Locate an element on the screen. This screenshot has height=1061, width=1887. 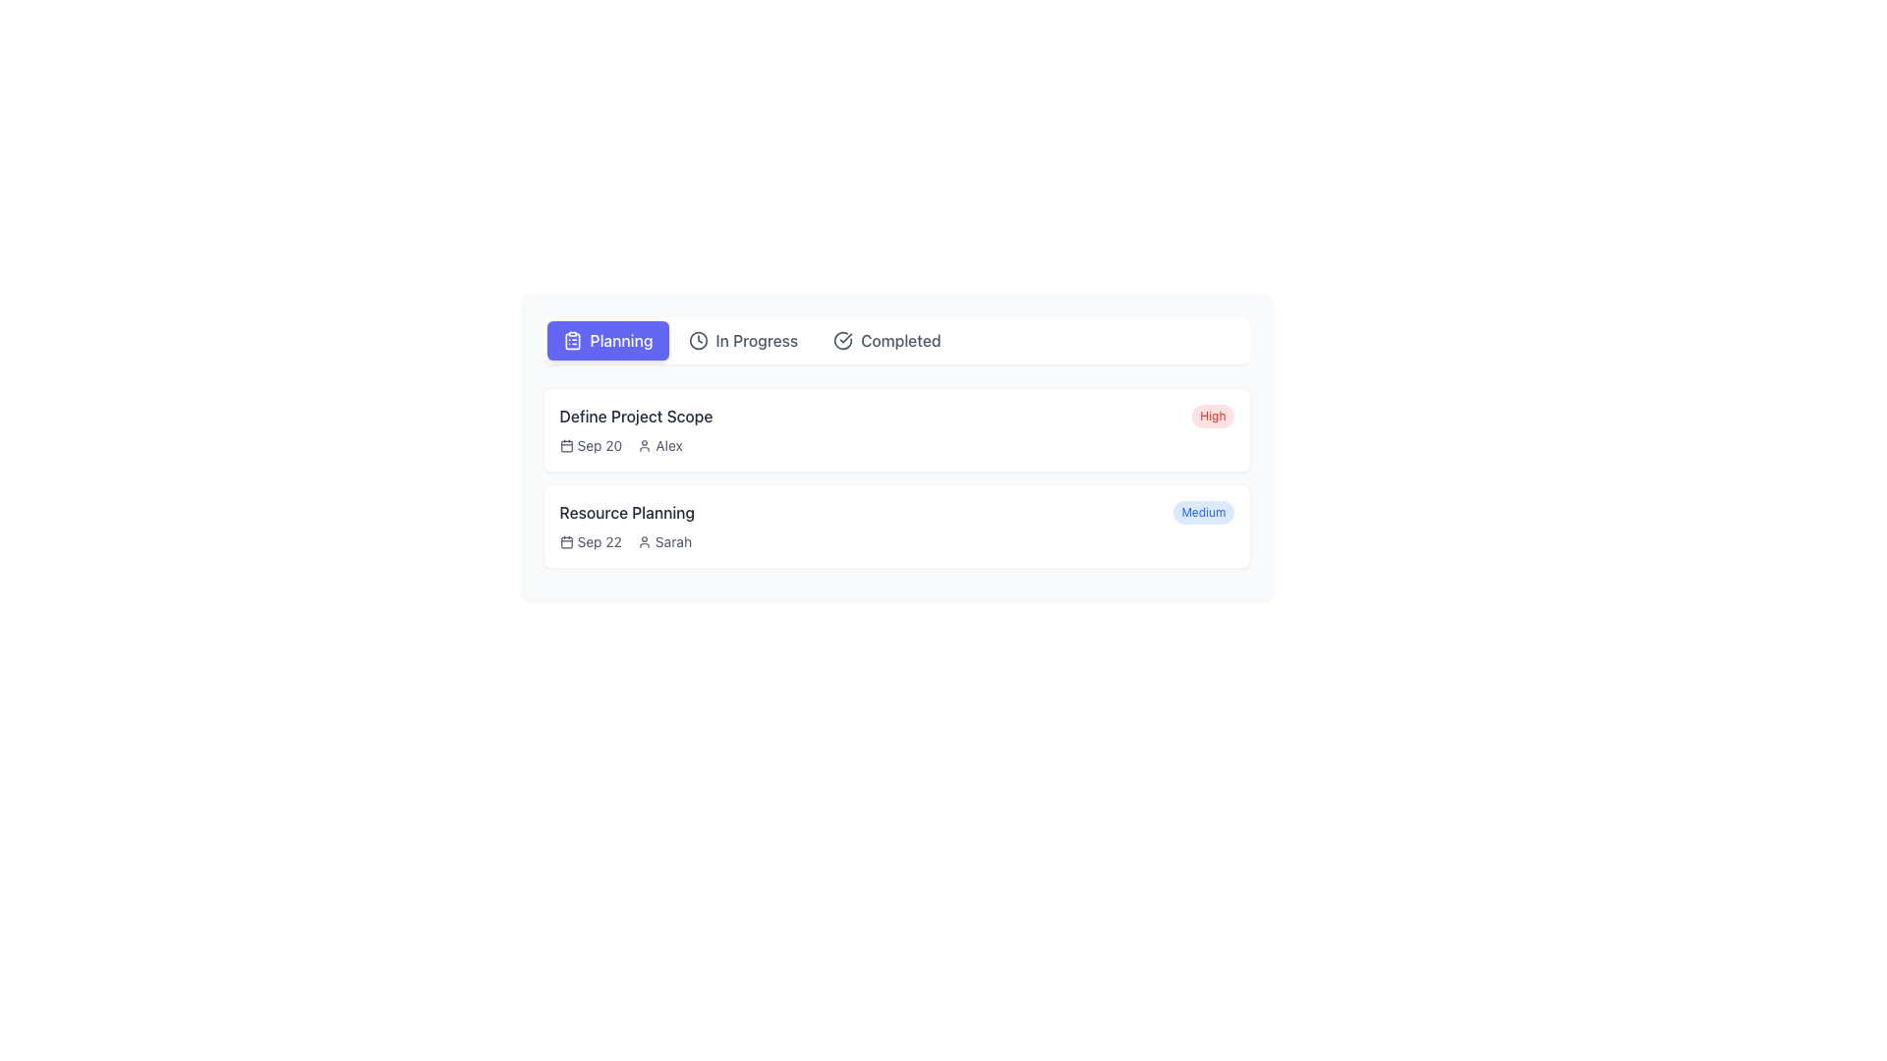
the central rectangular icon with rounded corners that is part of the larger calendar icon component in the UI layout is located at coordinates (565, 542).